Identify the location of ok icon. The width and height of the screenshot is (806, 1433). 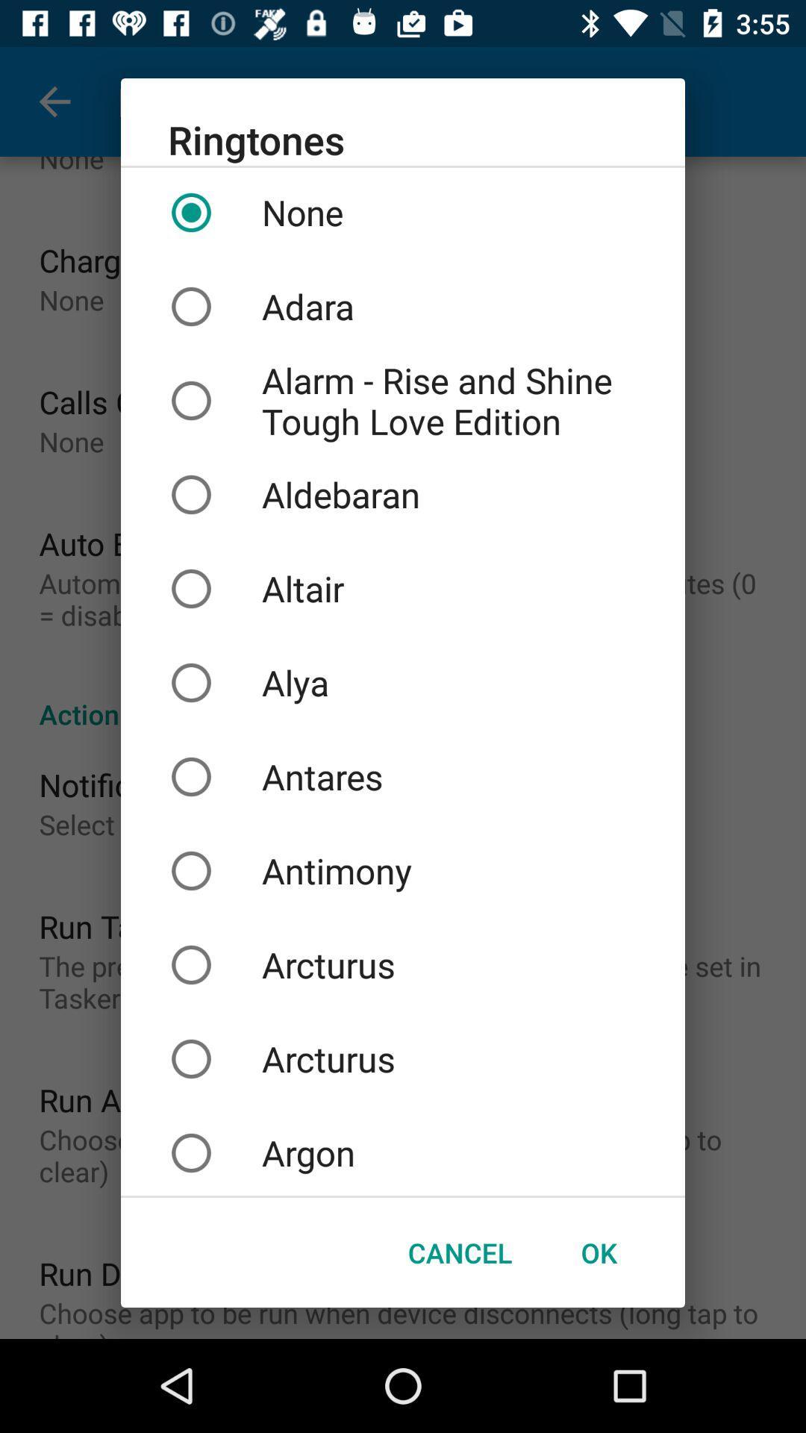
(598, 1252).